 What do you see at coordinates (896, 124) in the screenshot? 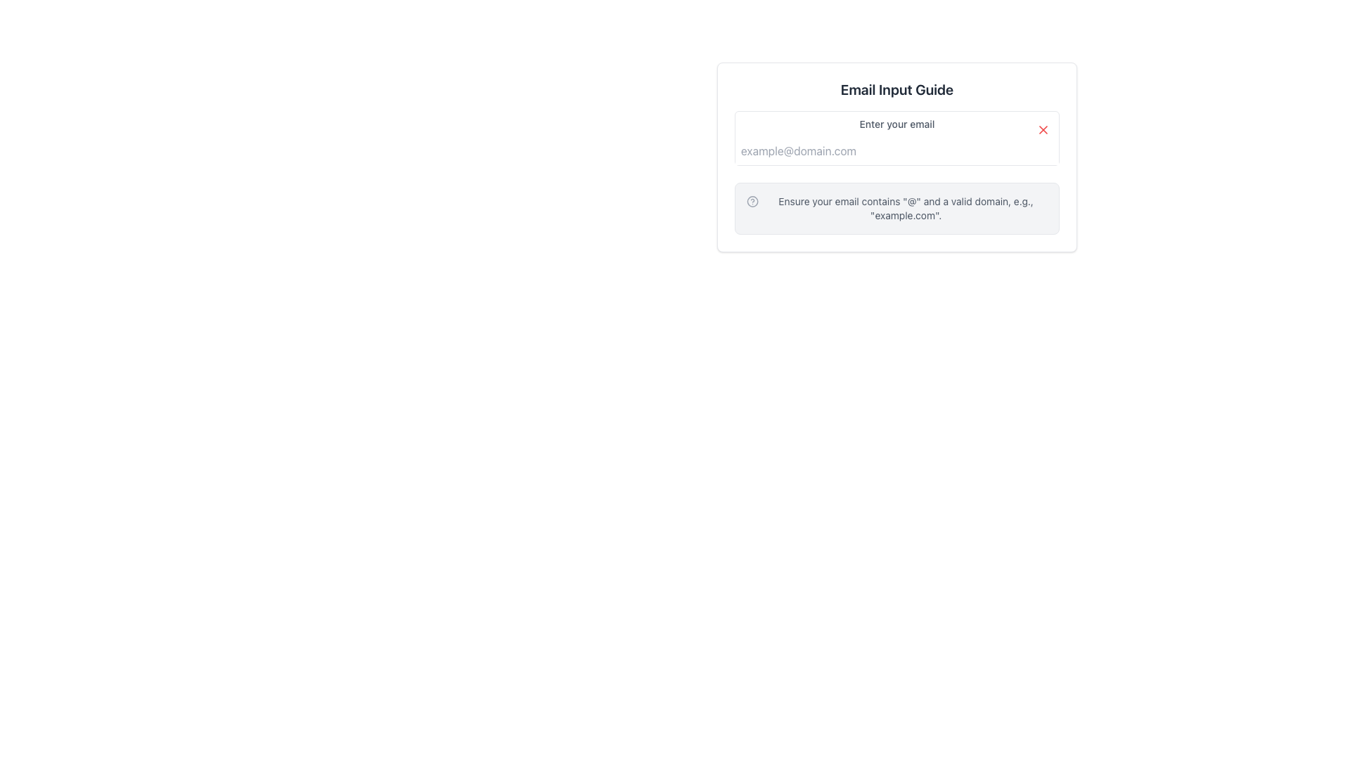
I see `the Text Label that serves as a placeholder for the input field, providing guidance to the user` at bounding box center [896, 124].